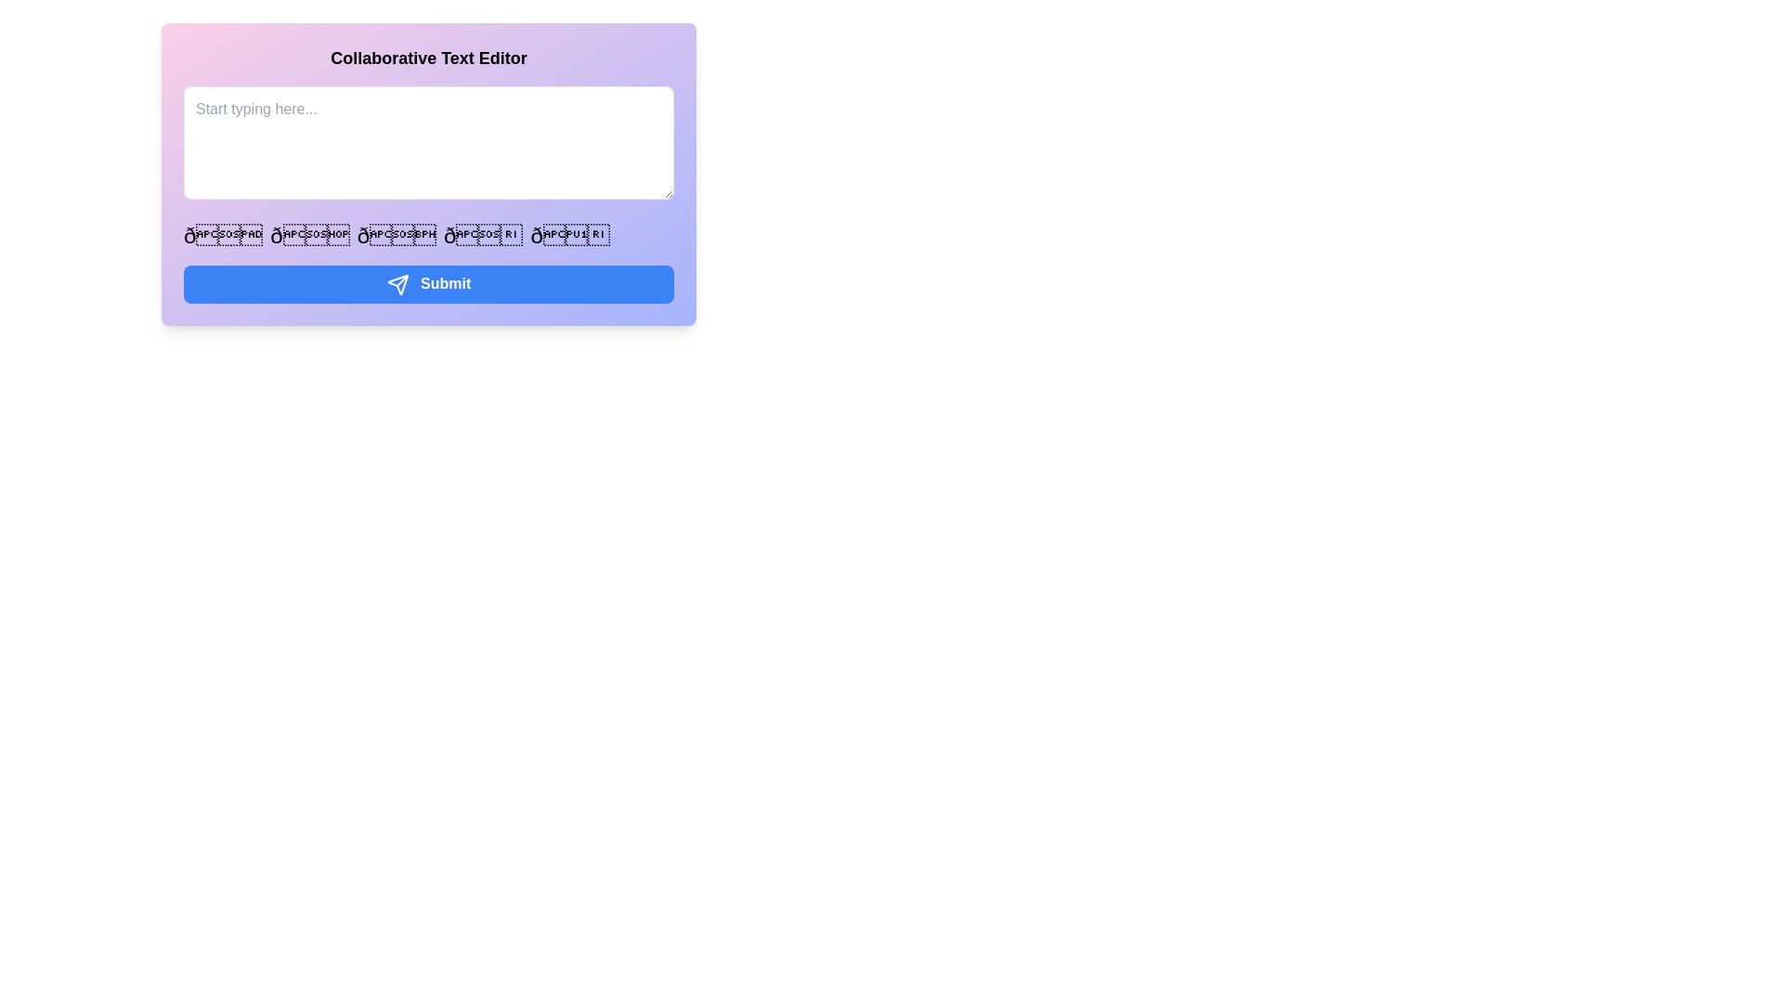 The height and width of the screenshot is (1003, 1783). What do you see at coordinates (397, 284) in the screenshot?
I see `the submission icon located to the left of the 'Submit' button text, which enhances the button's functionality` at bounding box center [397, 284].